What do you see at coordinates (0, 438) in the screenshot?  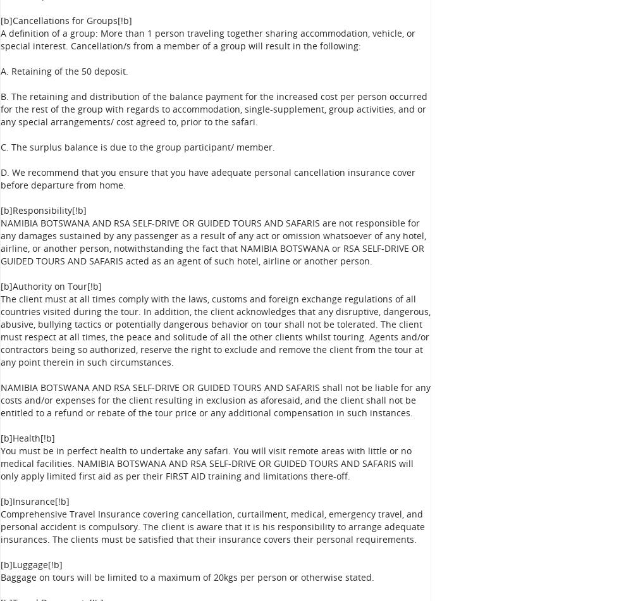 I see `'[b]Health[!b]'` at bounding box center [0, 438].